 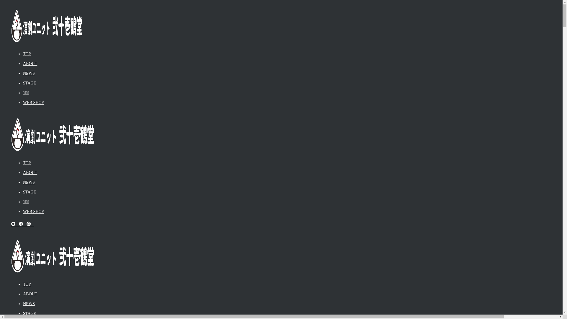 I want to click on 'NEWS', so click(x=28, y=304).